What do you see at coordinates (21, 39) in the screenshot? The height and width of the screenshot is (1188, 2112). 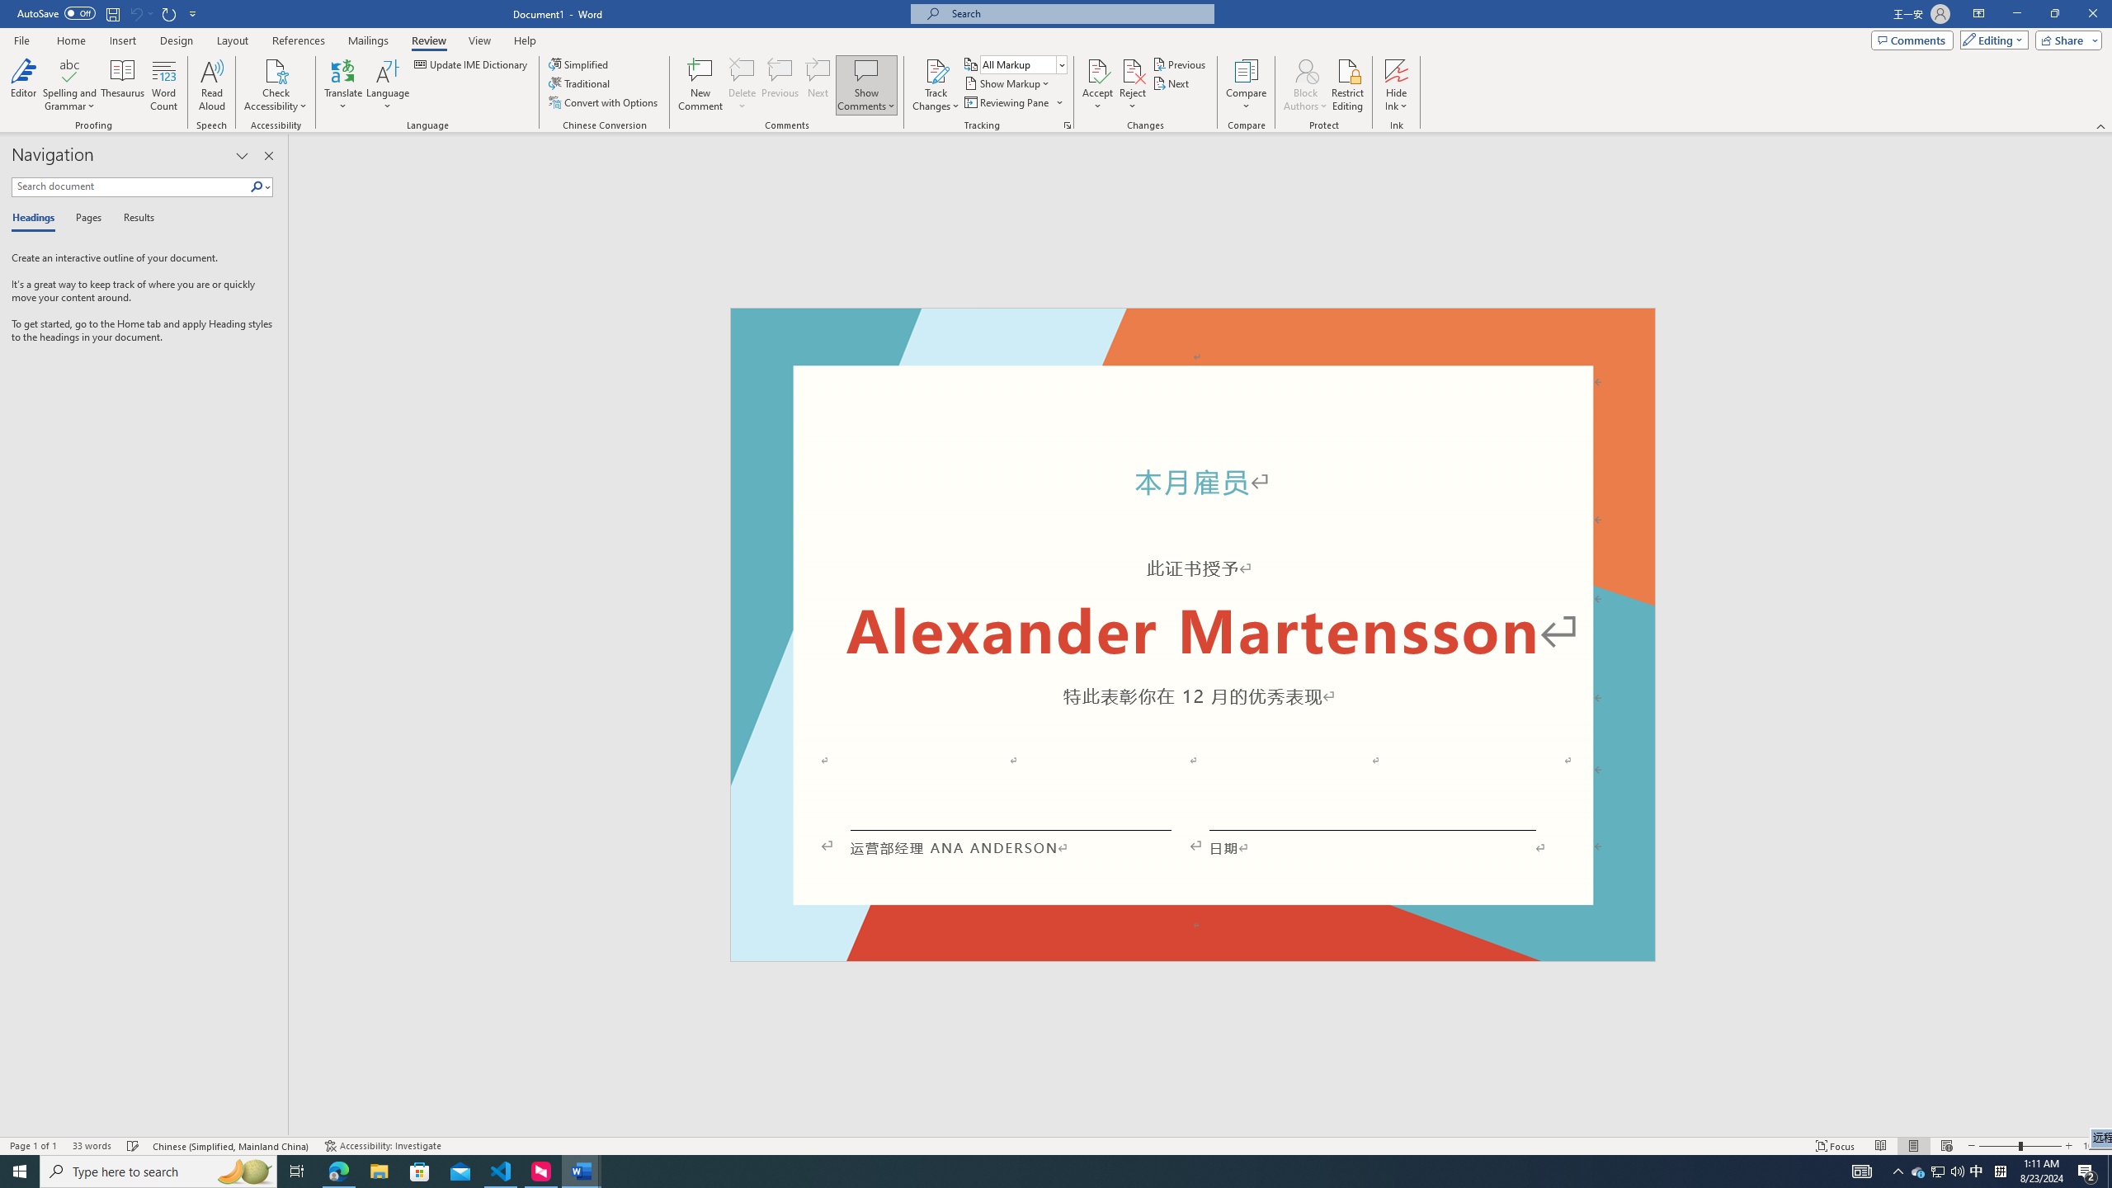 I see `'File Tab'` at bounding box center [21, 39].